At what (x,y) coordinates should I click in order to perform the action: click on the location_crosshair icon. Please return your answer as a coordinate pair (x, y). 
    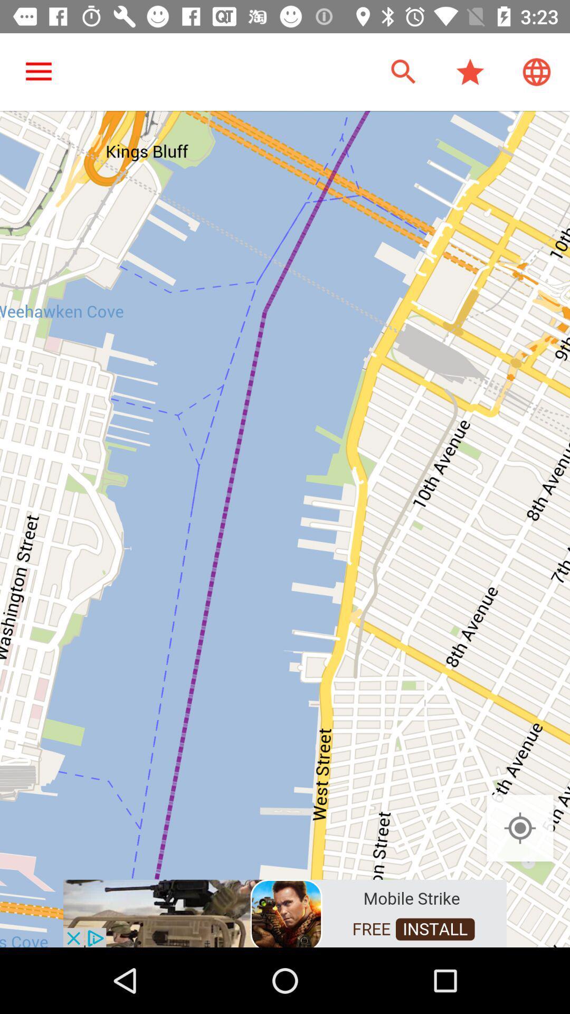
    Looking at the image, I should click on (519, 828).